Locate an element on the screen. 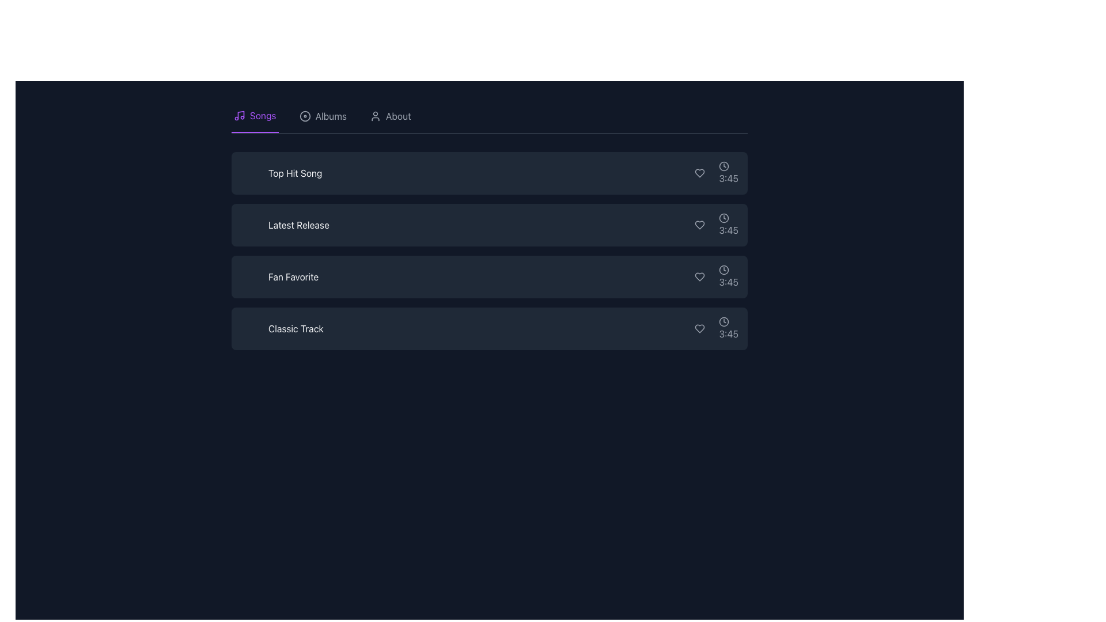  the small circular clock icon with a minimalistic thin line design, which is part of the fourth list item in the vertical list of songs, located to the left of the time value '3:45' is located at coordinates (724, 218).